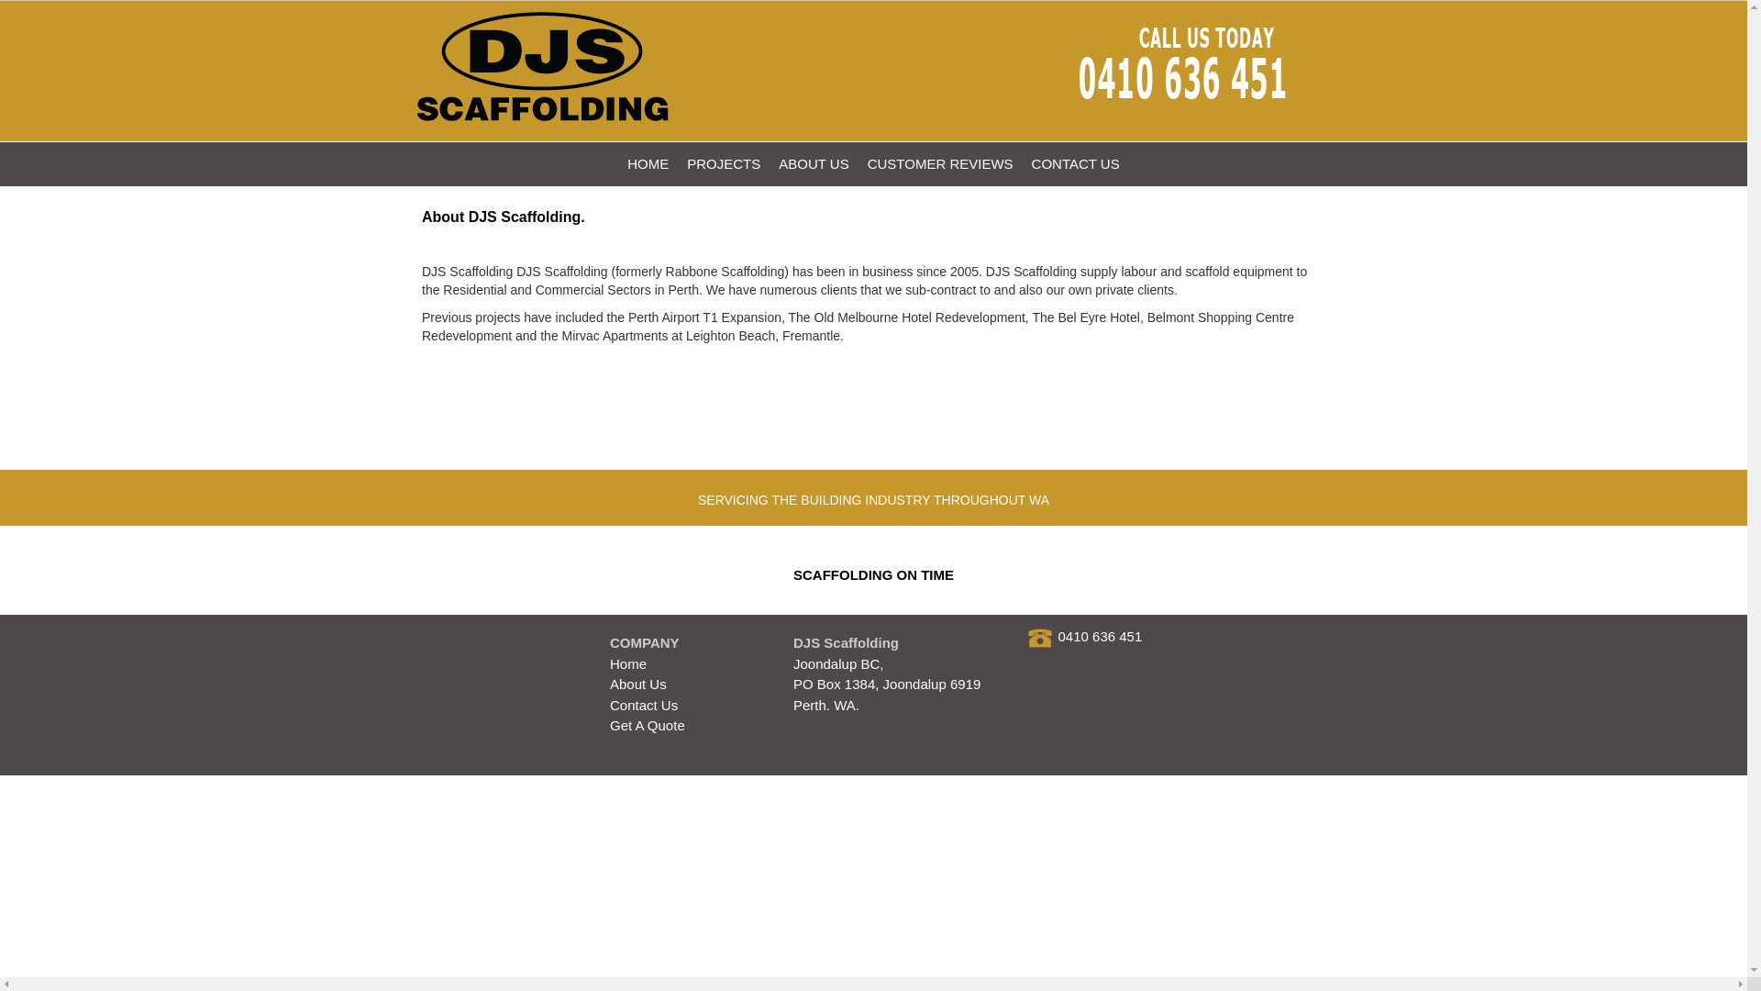  What do you see at coordinates (638, 684) in the screenshot?
I see `'About Us'` at bounding box center [638, 684].